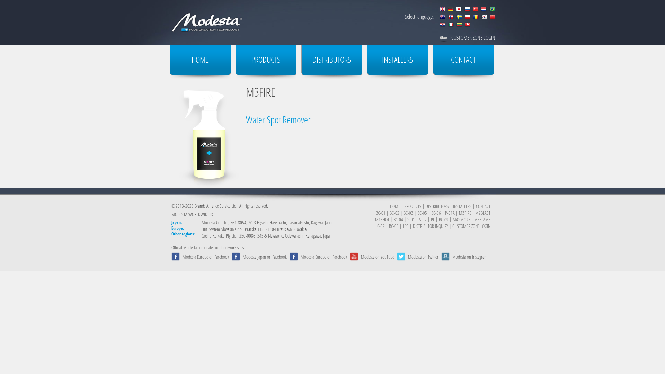  What do you see at coordinates (461, 219) in the screenshot?
I see `'M4SMOKE'` at bounding box center [461, 219].